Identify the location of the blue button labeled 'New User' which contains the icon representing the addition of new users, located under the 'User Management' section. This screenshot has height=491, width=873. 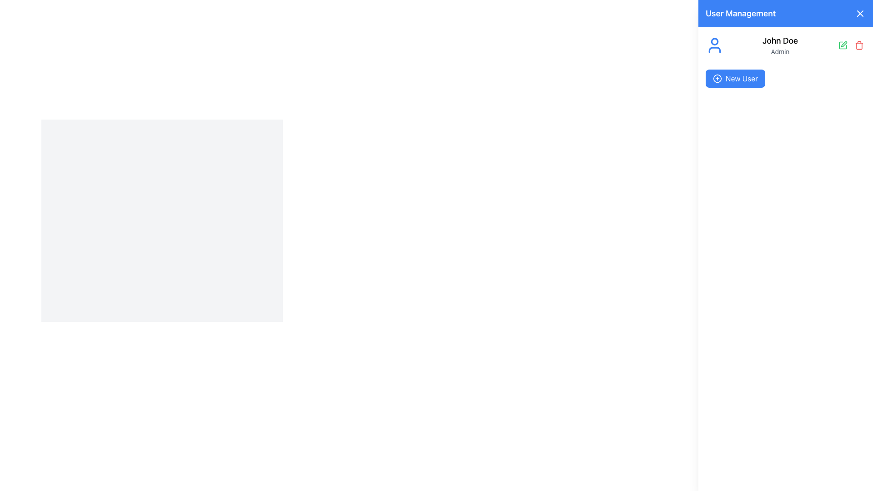
(717, 78).